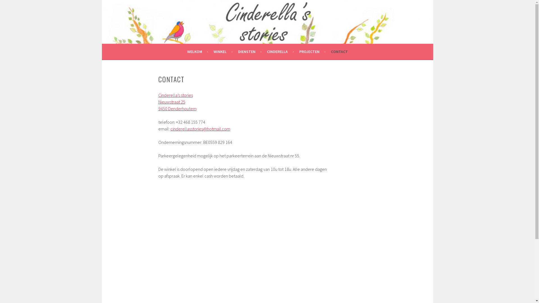 Image resolution: width=539 pixels, height=303 pixels. I want to click on 'DIENSTEN', so click(238, 52).